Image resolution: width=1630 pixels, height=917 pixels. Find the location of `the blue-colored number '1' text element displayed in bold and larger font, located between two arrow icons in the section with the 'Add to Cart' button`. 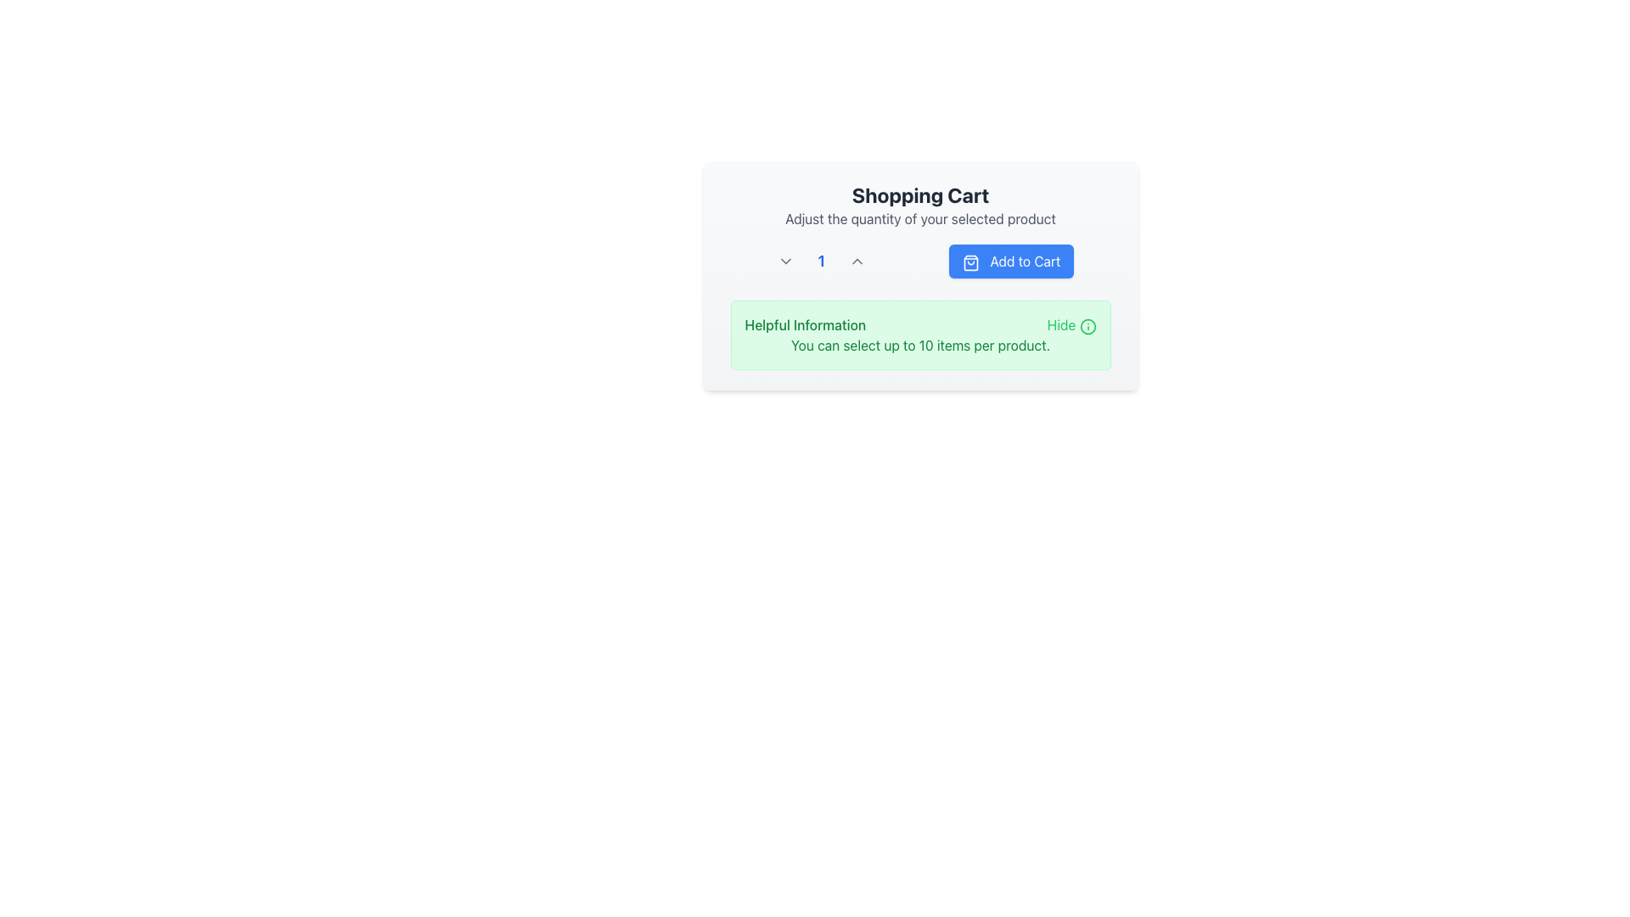

the blue-colored number '1' text element displayed in bold and larger font, located between two arrow icons in the section with the 'Add to Cart' button is located at coordinates (821, 262).